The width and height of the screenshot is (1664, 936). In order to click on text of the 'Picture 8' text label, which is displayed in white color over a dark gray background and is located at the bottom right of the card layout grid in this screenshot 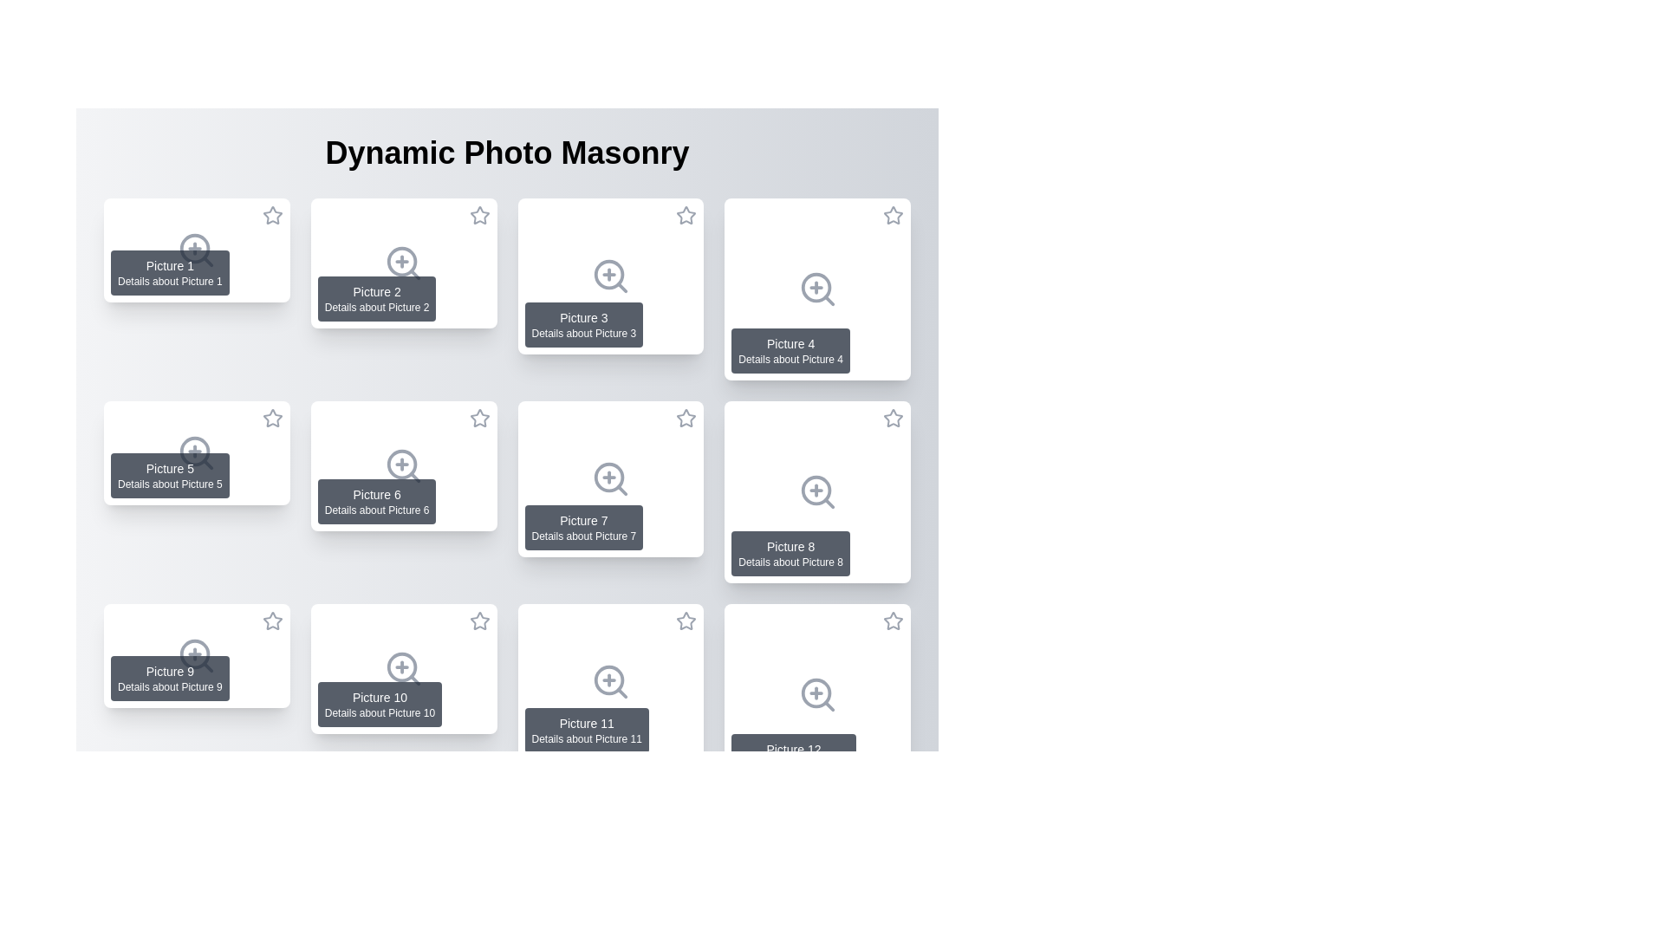, I will do `click(790, 547)`.